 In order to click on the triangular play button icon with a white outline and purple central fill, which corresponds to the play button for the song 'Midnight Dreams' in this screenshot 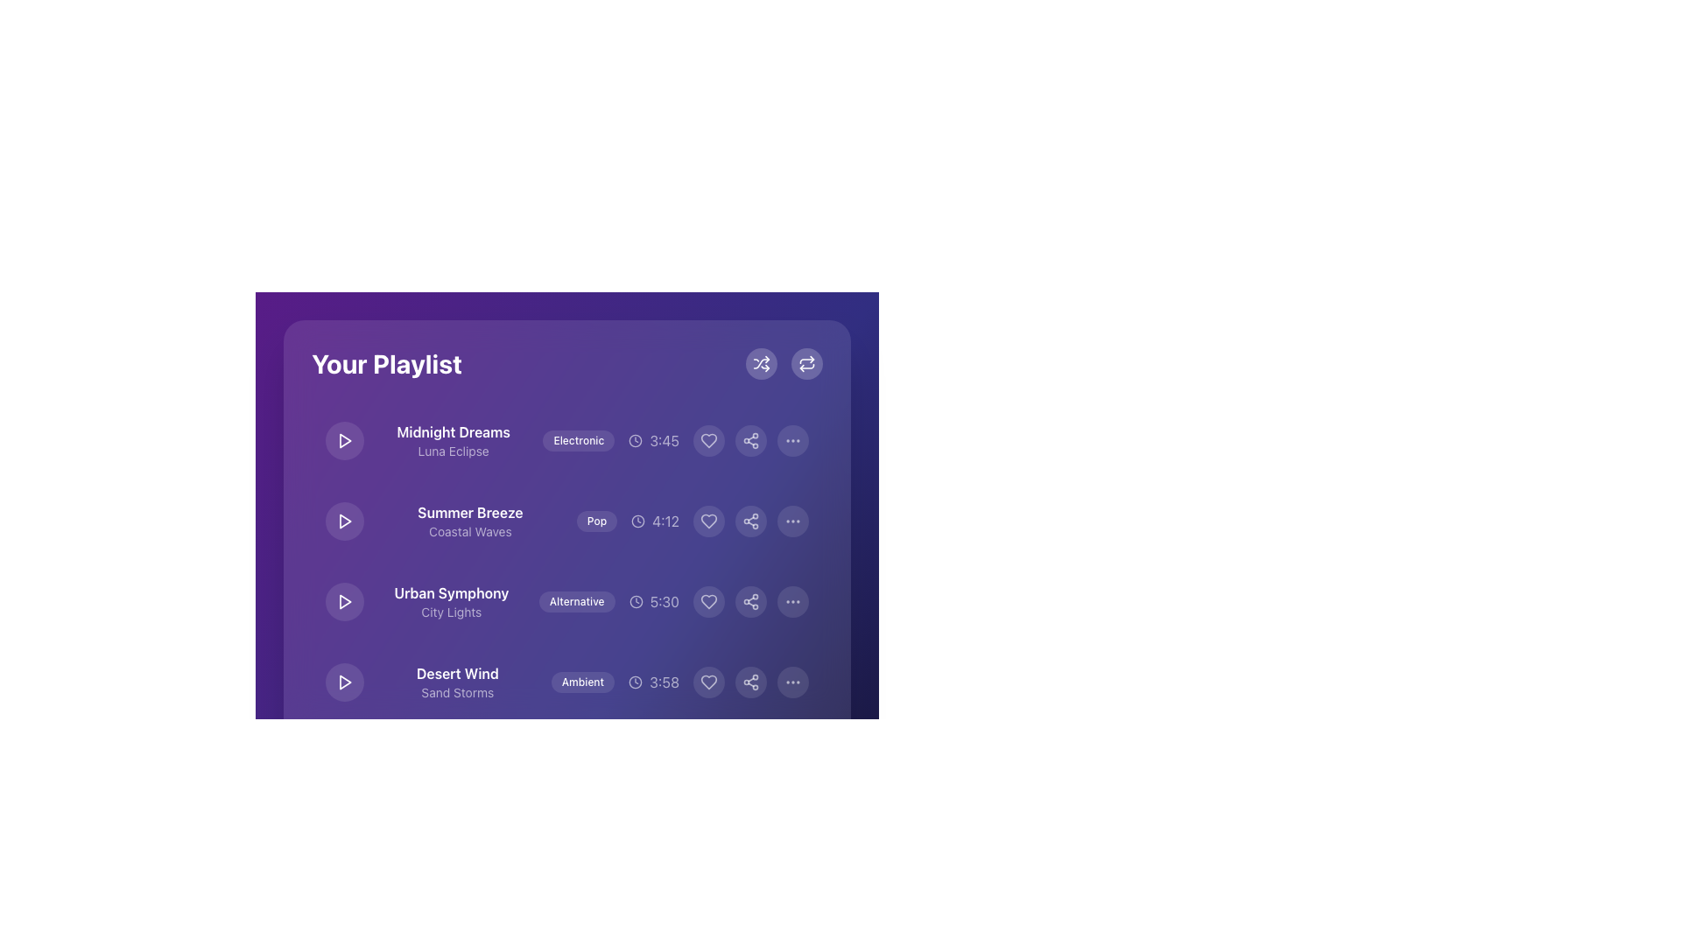, I will do `click(344, 440)`.